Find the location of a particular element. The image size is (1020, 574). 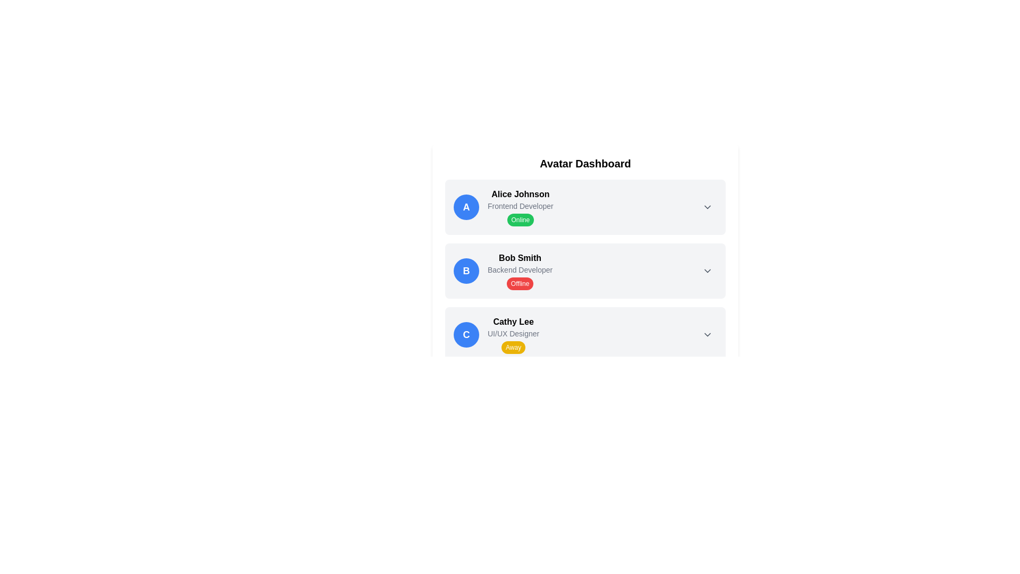

the information display block for 'Cathy Lee', which includes her name, job title 'UI/UX Designer', and the 'Away' badge, located in the third entry of the vertical list is located at coordinates (513, 334).